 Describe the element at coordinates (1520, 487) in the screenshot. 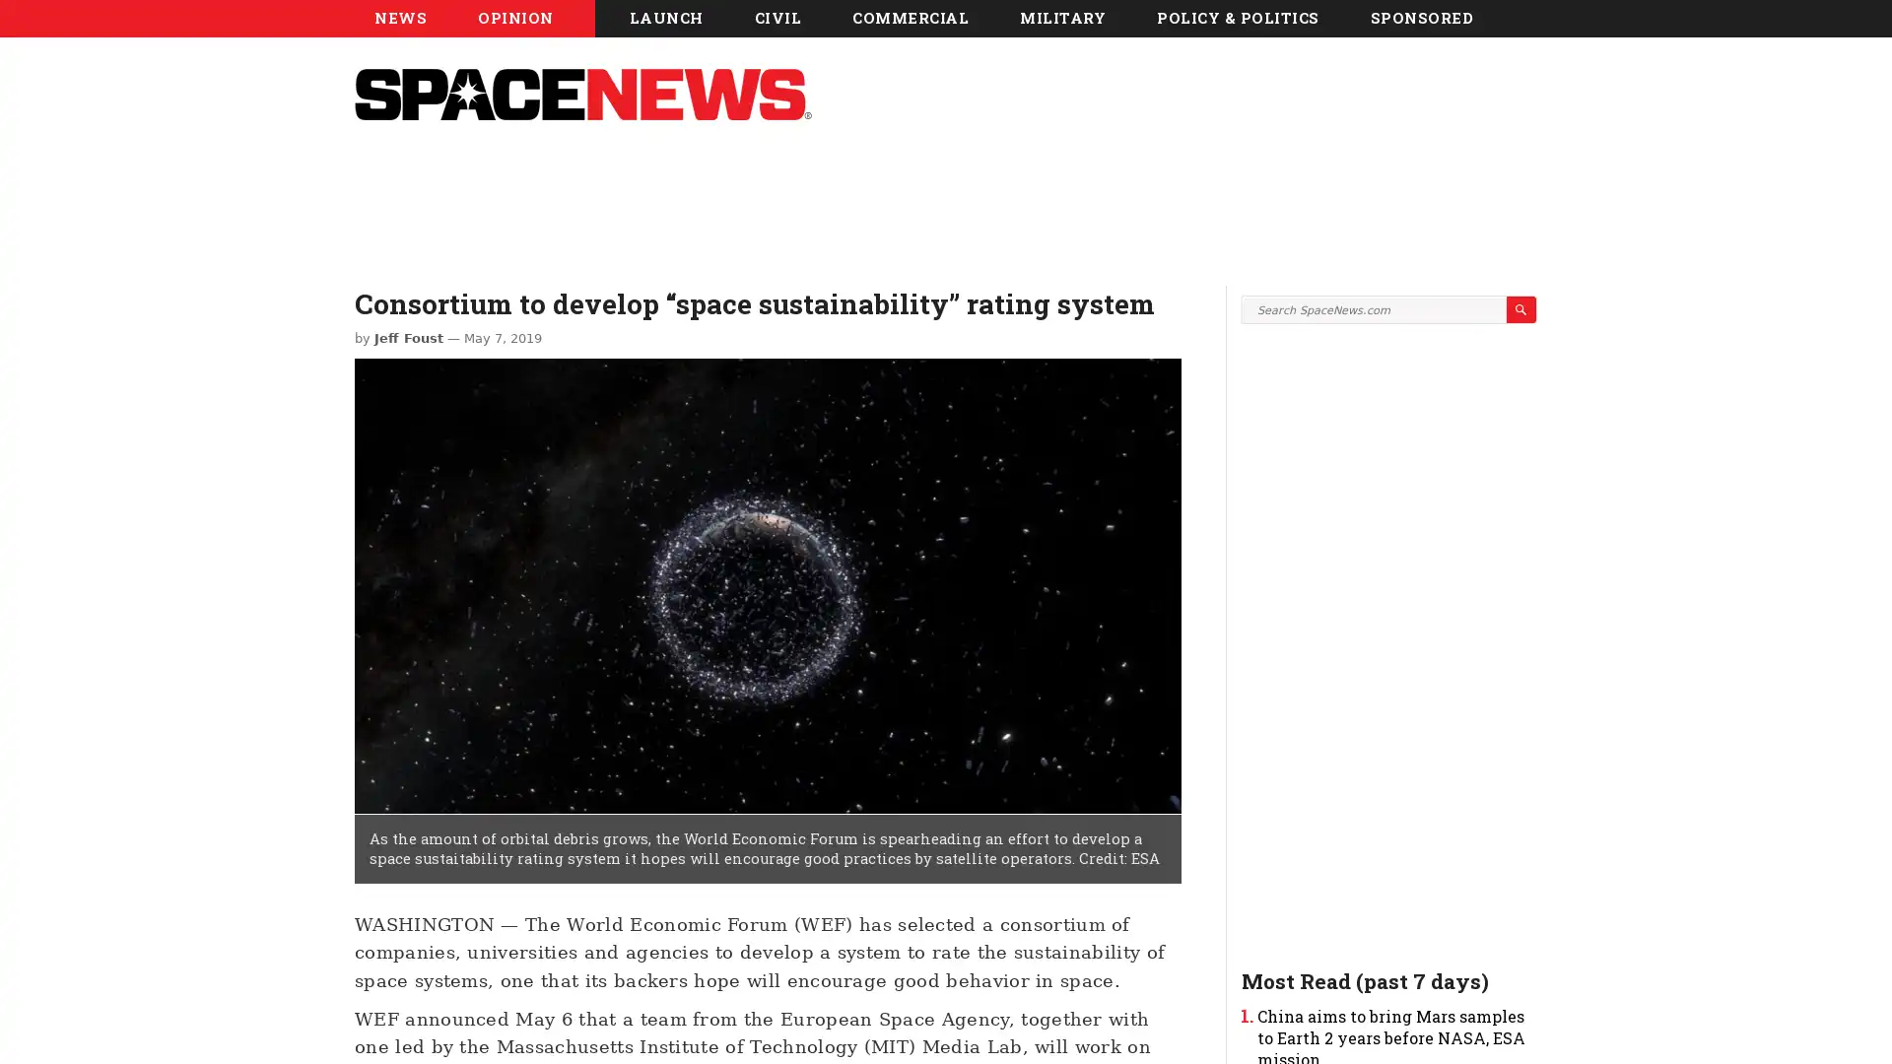

I see `Search` at that location.